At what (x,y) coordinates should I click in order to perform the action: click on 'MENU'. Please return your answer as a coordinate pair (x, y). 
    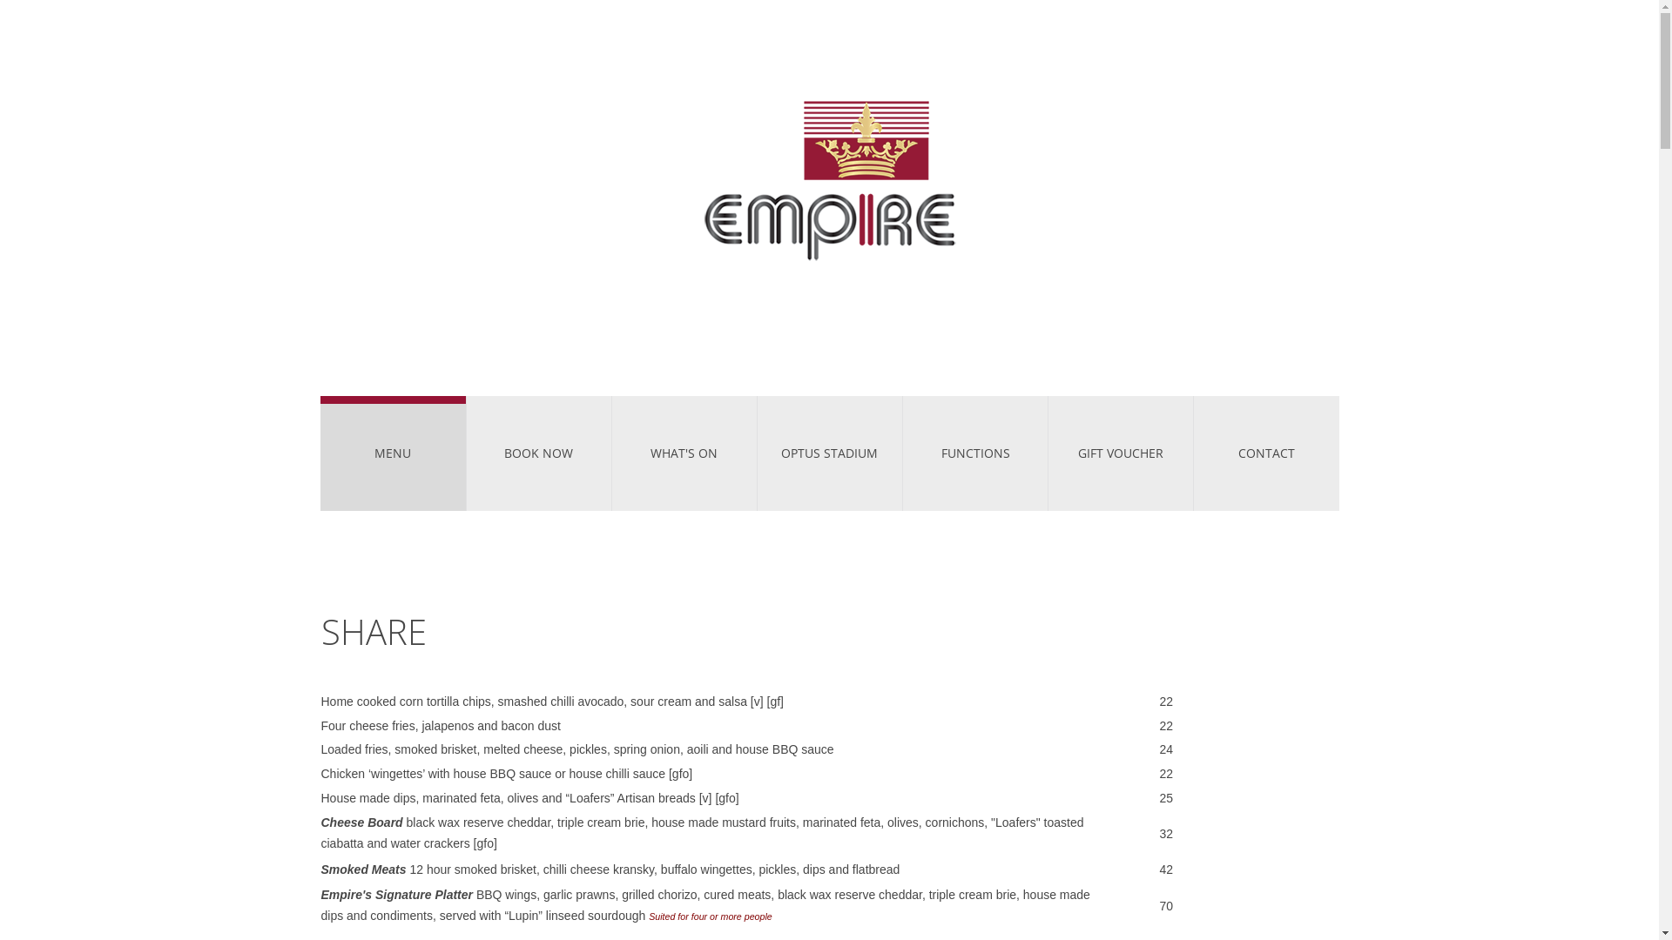
    Looking at the image, I should click on (392, 452).